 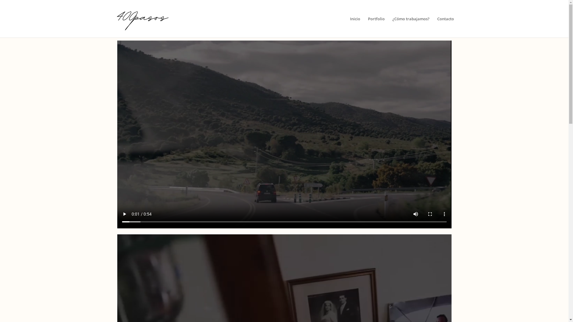 What do you see at coordinates (376, 27) in the screenshot?
I see `'Portfolio'` at bounding box center [376, 27].